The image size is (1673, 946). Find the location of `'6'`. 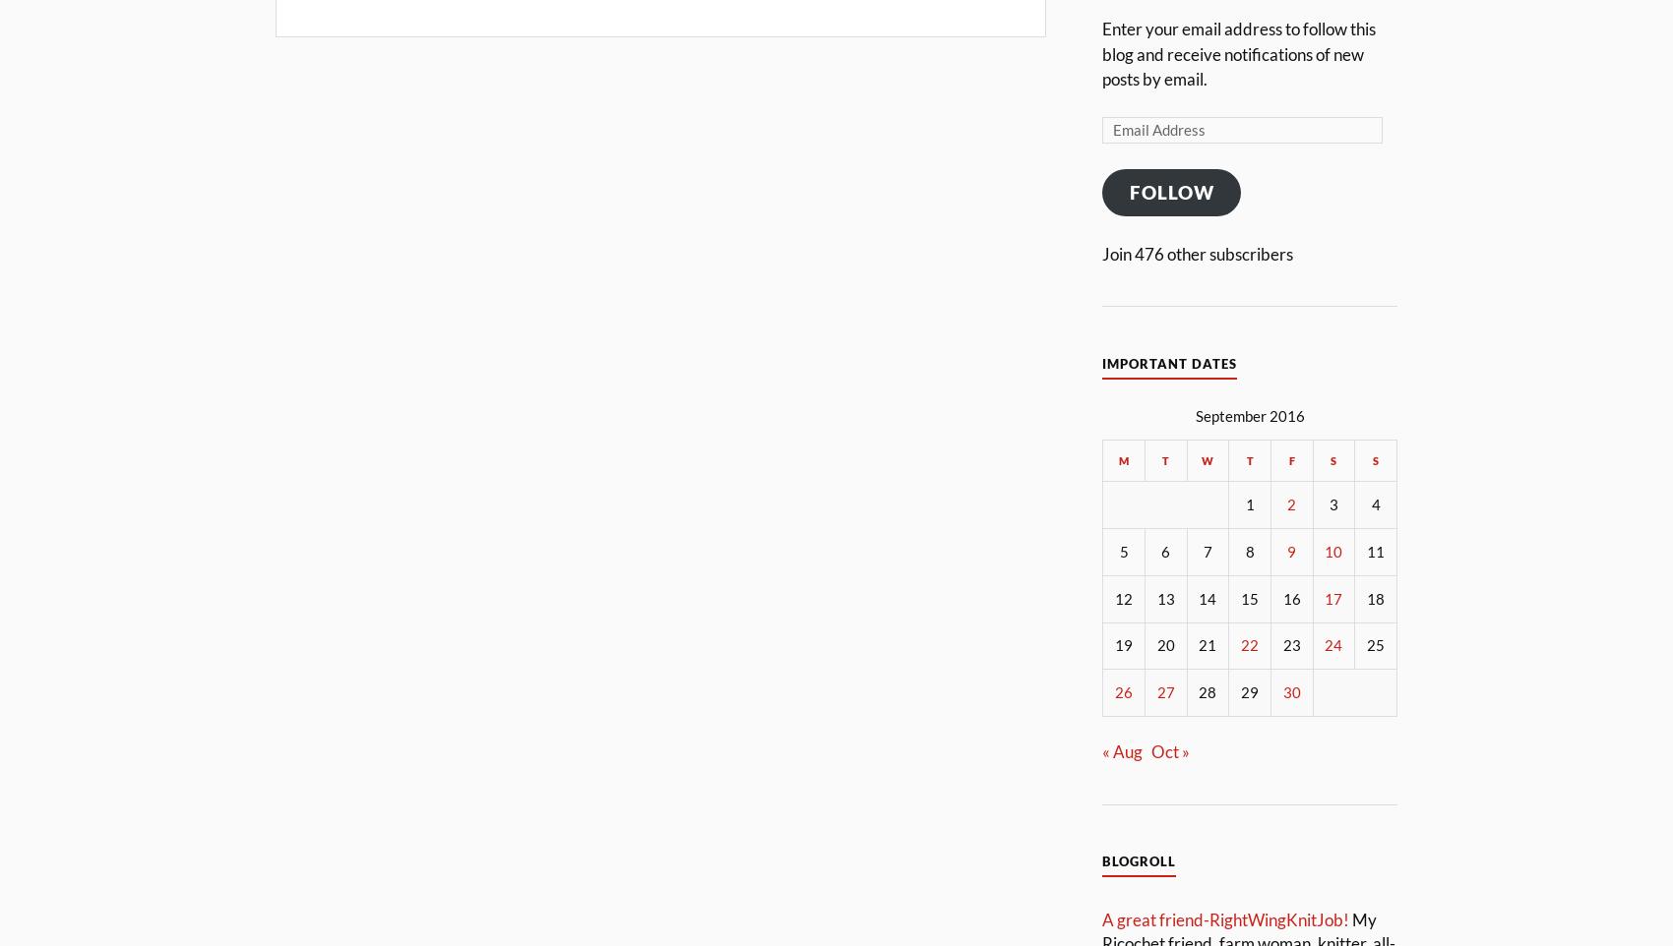

'6' is located at coordinates (1164, 550).